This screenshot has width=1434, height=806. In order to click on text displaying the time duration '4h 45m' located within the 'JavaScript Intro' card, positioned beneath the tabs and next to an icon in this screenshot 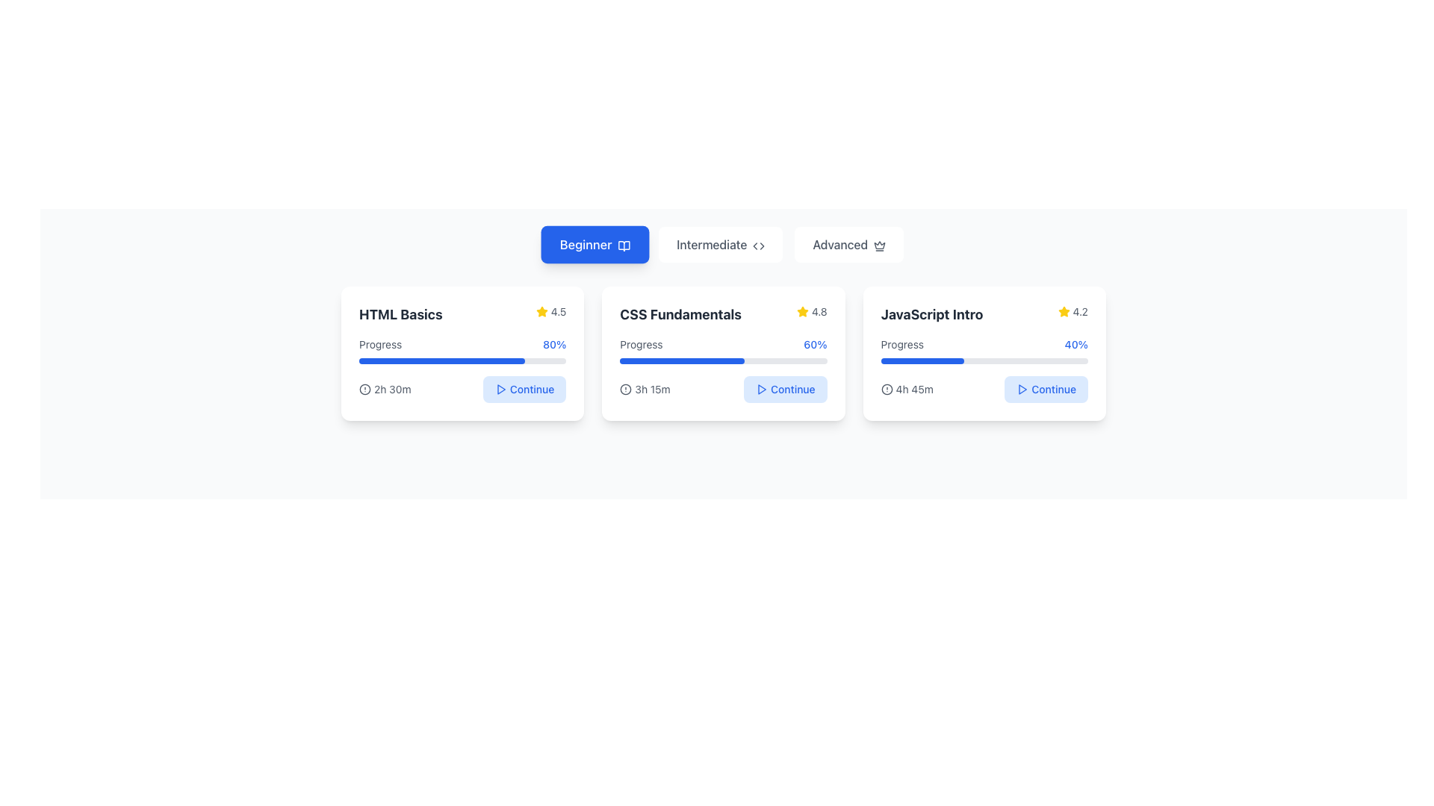, I will do `click(913, 388)`.